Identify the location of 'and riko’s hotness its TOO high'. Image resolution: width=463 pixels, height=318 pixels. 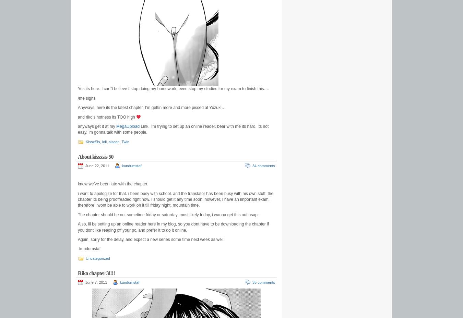
(106, 117).